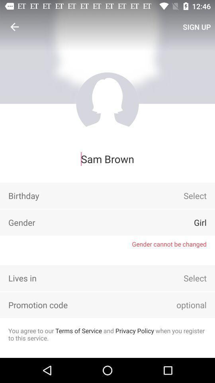 The image size is (215, 383). Describe the element at coordinates (196, 27) in the screenshot. I see `sign up item` at that location.